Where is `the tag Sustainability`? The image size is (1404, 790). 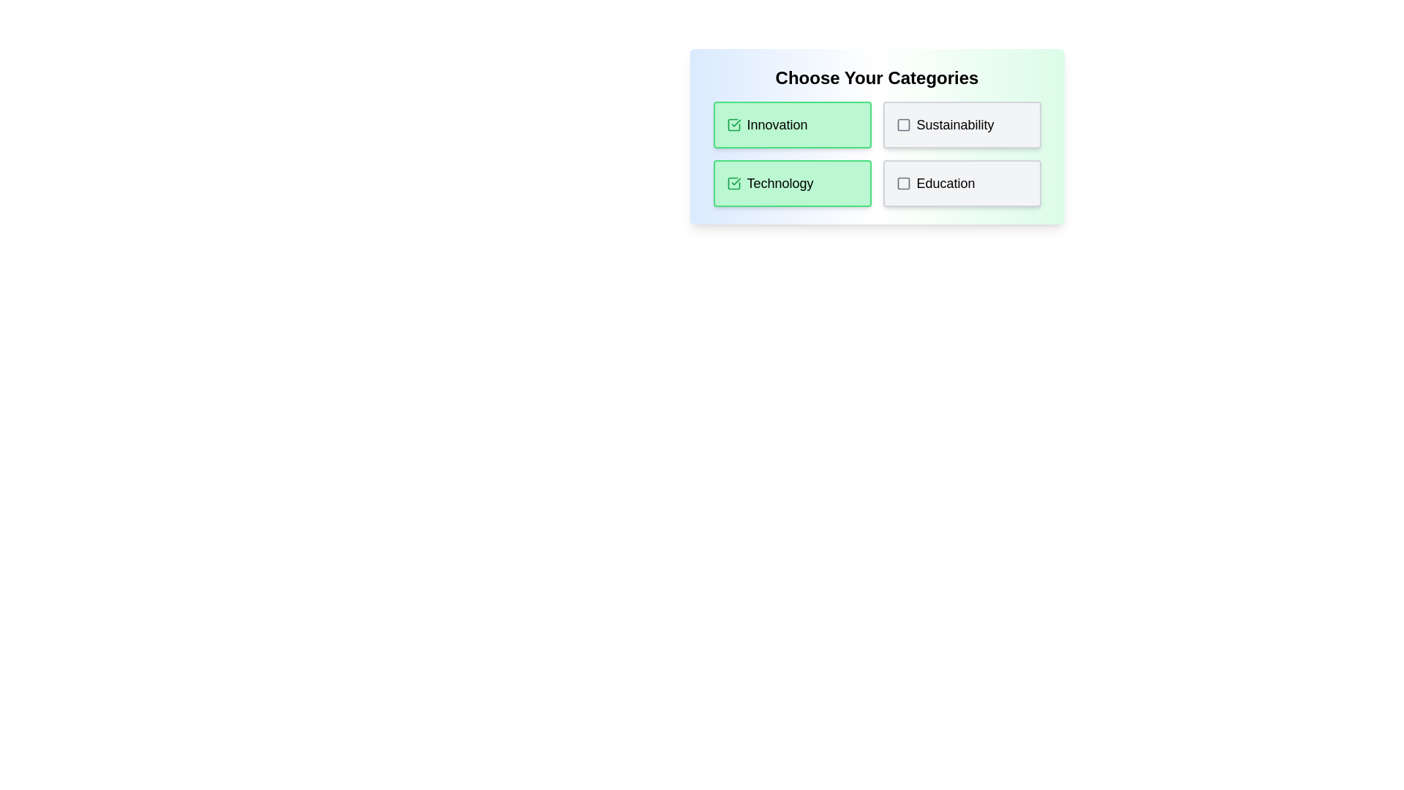 the tag Sustainability is located at coordinates (962, 124).